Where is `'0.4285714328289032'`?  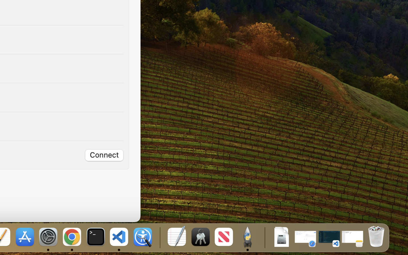
'0.4285714328289032' is located at coordinates (159, 237).